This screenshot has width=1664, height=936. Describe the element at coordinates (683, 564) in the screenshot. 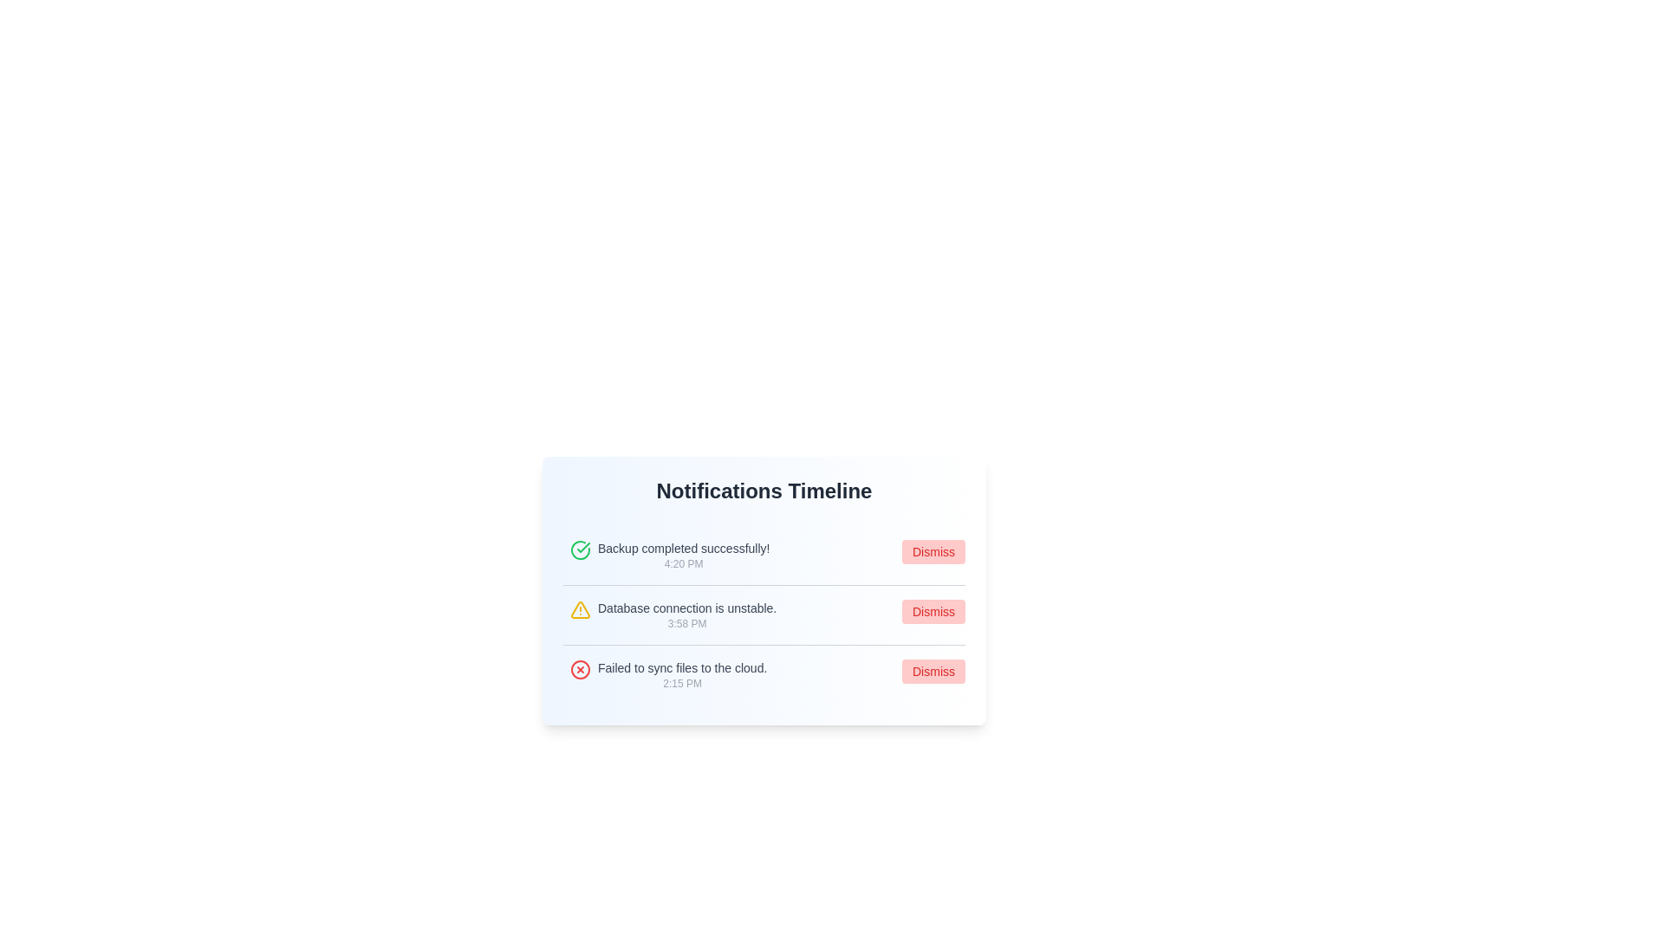

I see `the timestamp reading '4:20 PM' which is a small light gray text label located beneath the notification message 'Backup completed successfully!' in the Notifications Timeline panel` at that location.